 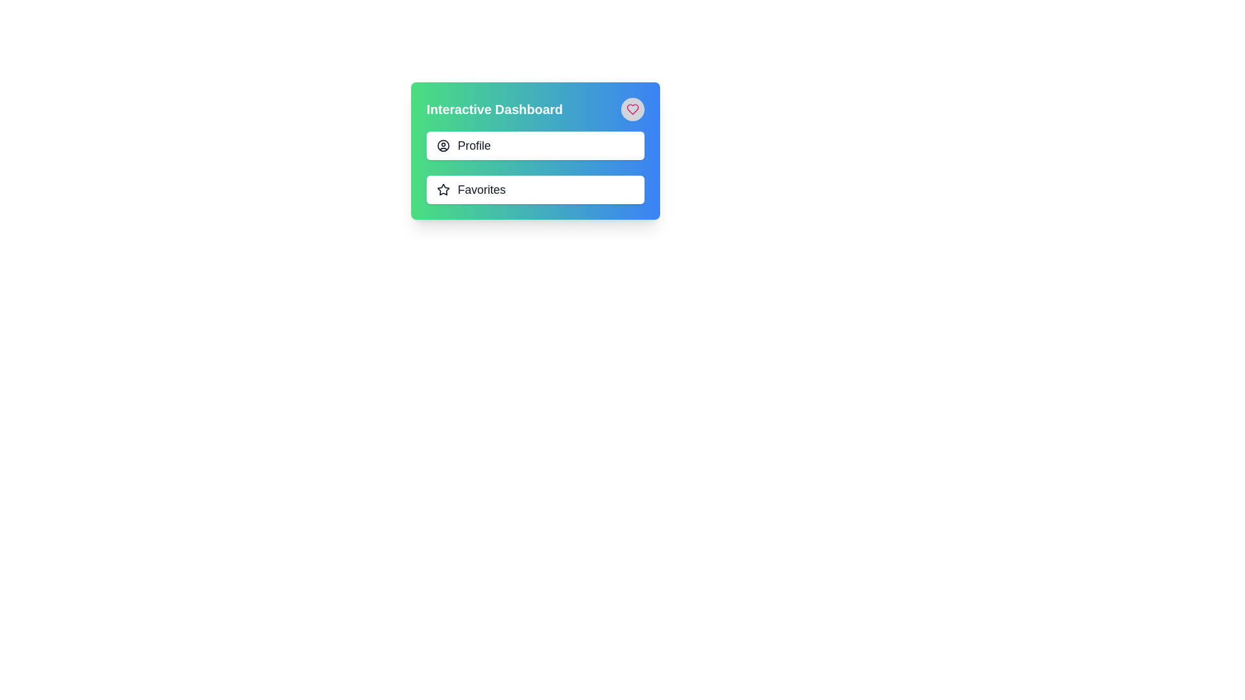 What do you see at coordinates (535, 190) in the screenshot?
I see `the 'Favorites' button, which is the second item in a vertical list below the 'Profile' button` at bounding box center [535, 190].